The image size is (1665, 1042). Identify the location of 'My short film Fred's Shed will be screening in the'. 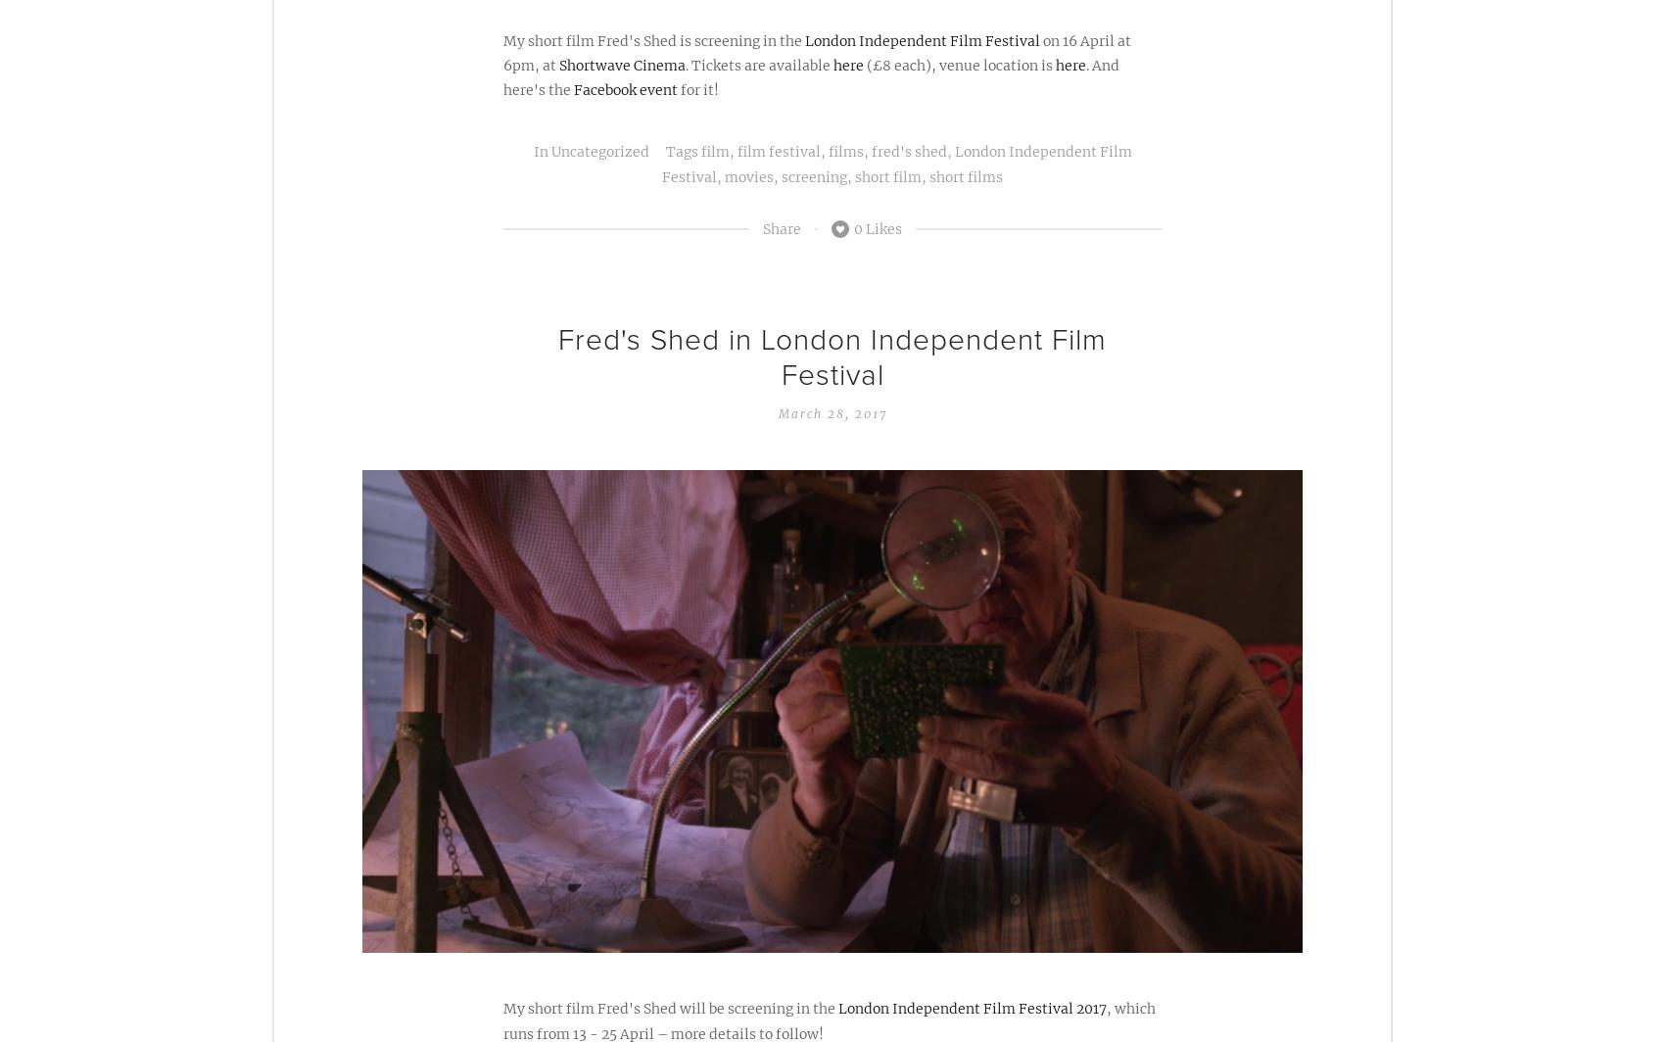
(670, 1008).